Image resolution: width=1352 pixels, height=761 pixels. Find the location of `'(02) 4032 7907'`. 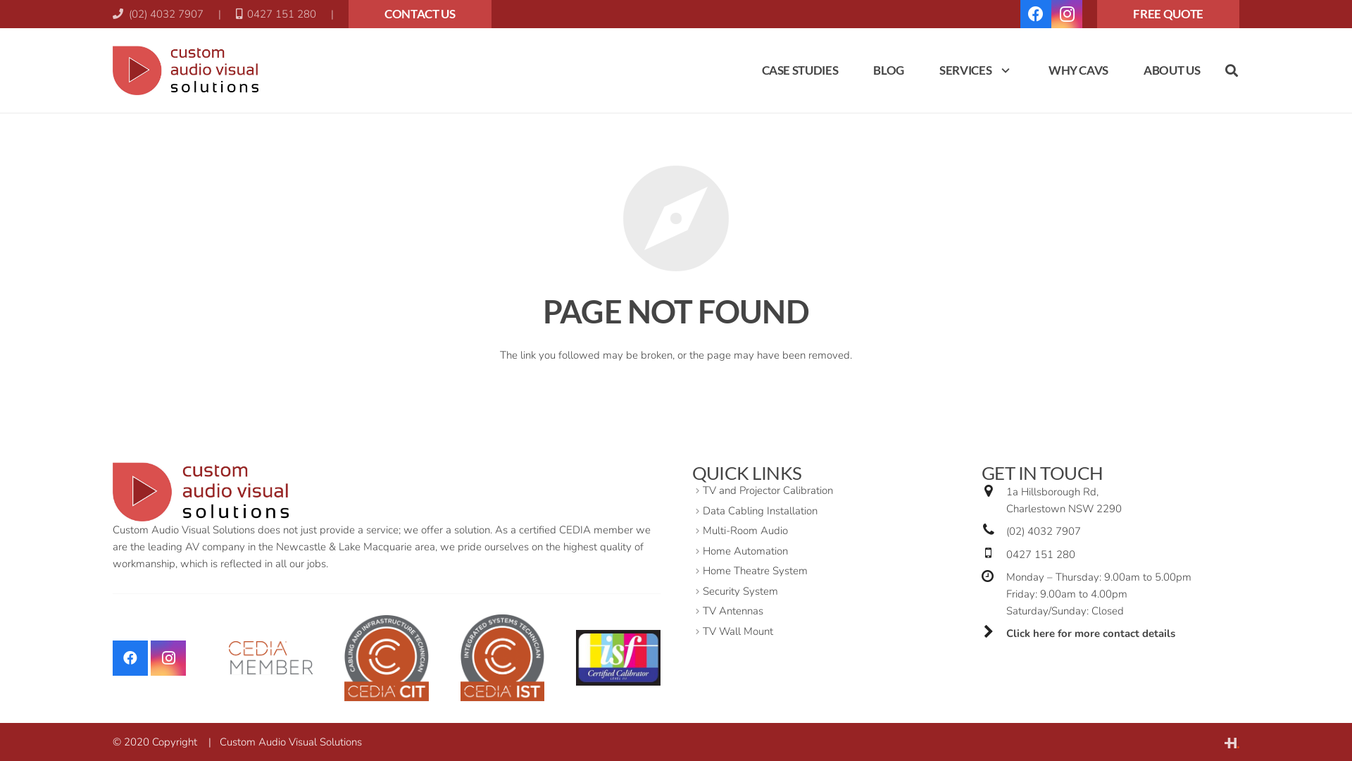

'(02) 4032 7907' is located at coordinates (1044, 531).